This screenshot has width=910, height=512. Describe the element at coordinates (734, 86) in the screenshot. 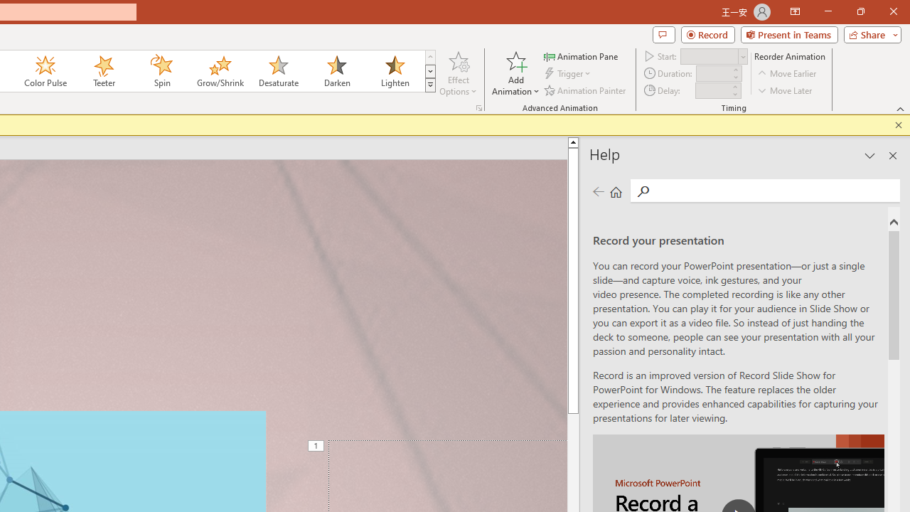

I see `'More'` at that location.